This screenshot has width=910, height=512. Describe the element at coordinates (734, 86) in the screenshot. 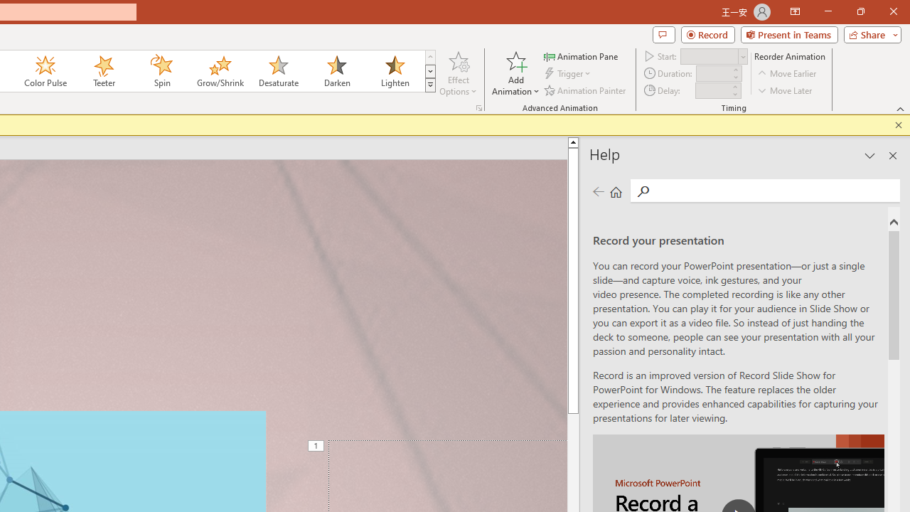

I see `'More'` at that location.